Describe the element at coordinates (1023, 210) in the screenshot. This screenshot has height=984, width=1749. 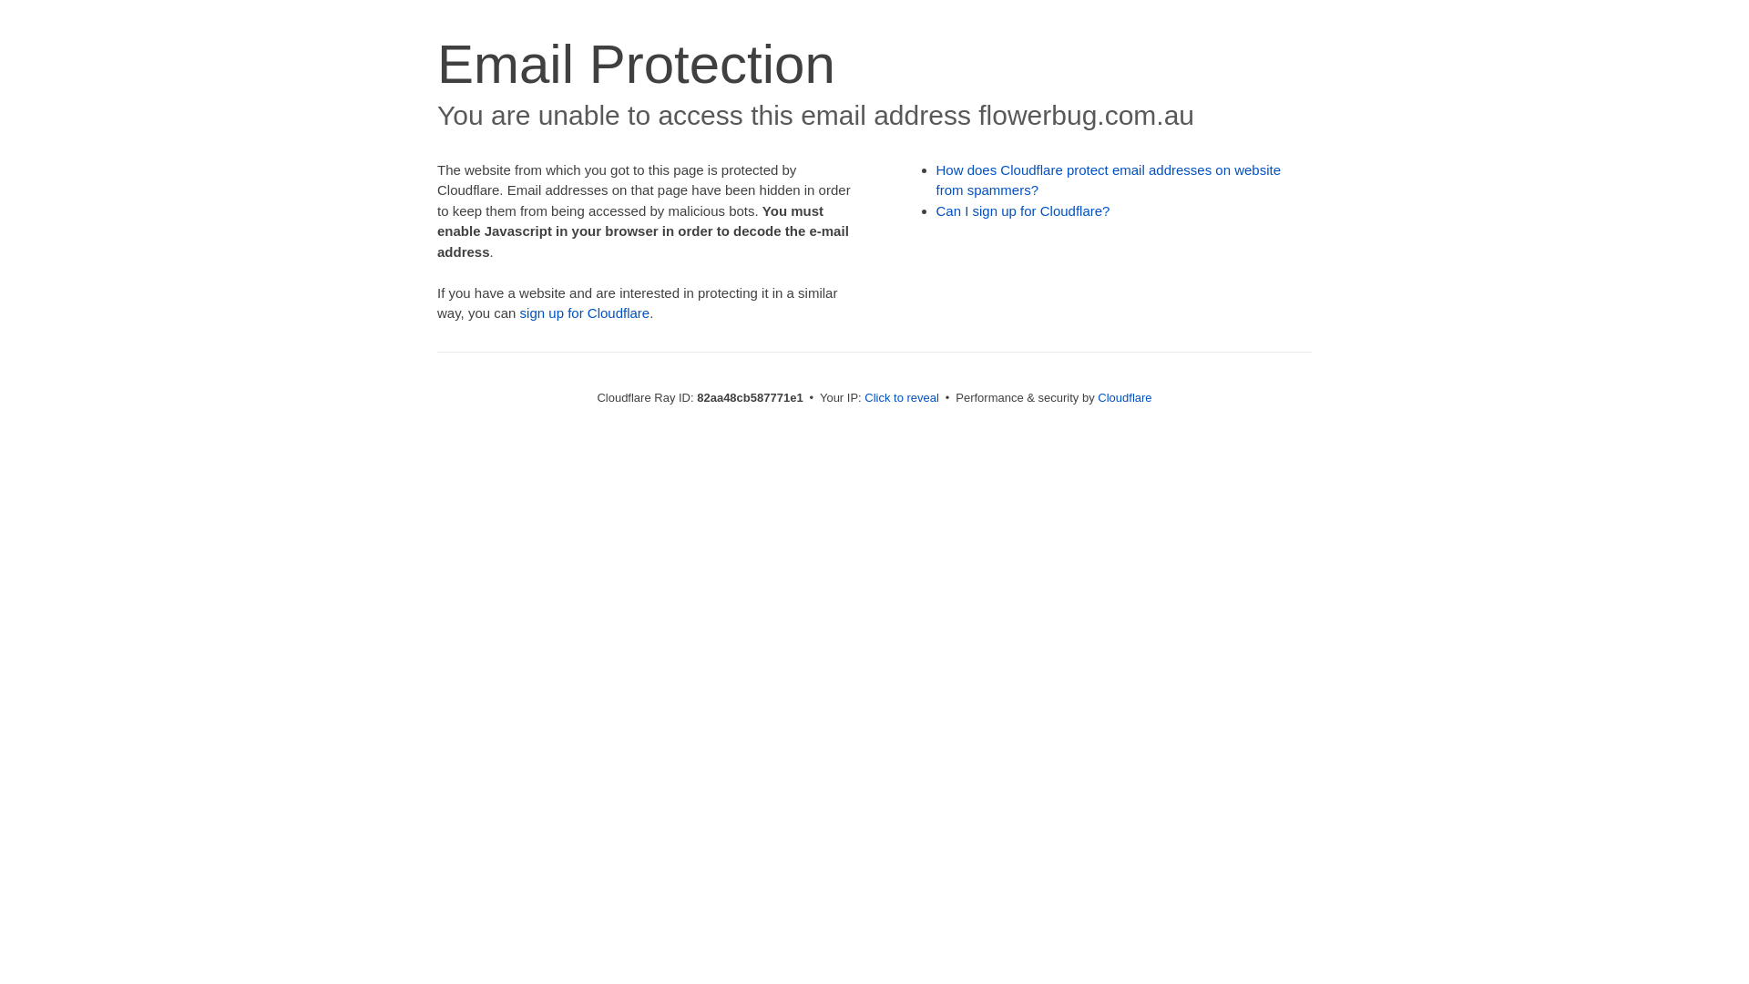
I see `'Can I sign up for Cloudflare?'` at that location.